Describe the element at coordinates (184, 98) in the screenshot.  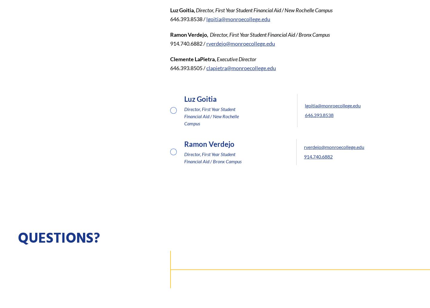
I see `'Luz Goitia'` at that location.